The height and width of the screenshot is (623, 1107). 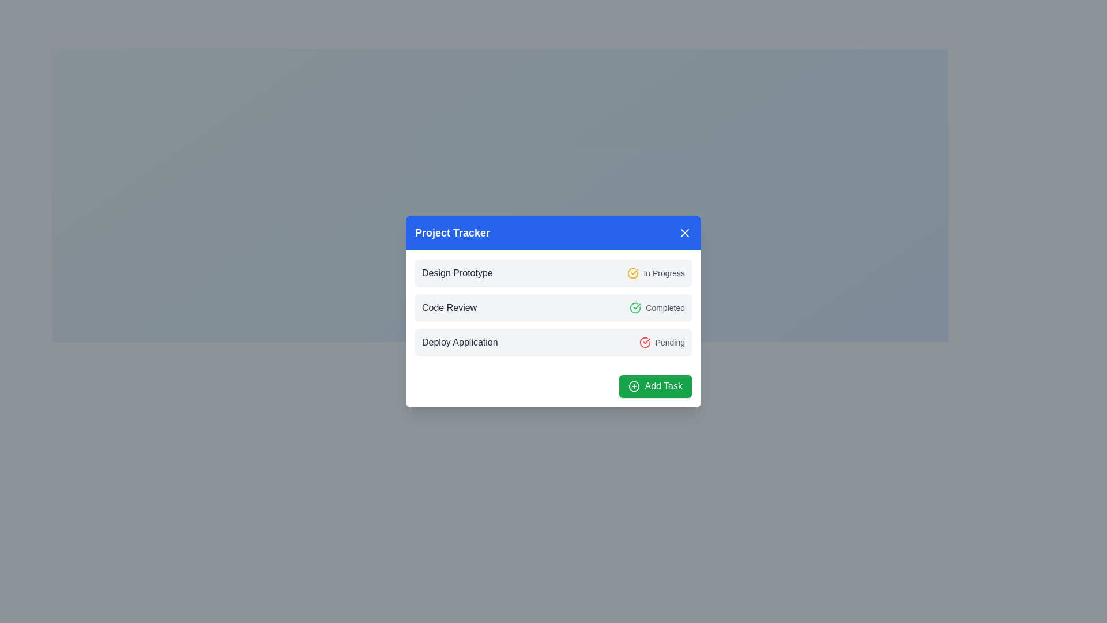 What do you see at coordinates (685, 233) in the screenshot?
I see `the close button represented by a diagonal line forming part of an 'X' shape in the header of the 'Project Tracker' modal` at bounding box center [685, 233].